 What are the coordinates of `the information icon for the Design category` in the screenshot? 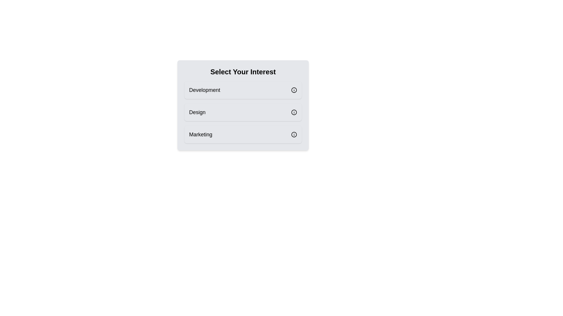 It's located at (294, 112).